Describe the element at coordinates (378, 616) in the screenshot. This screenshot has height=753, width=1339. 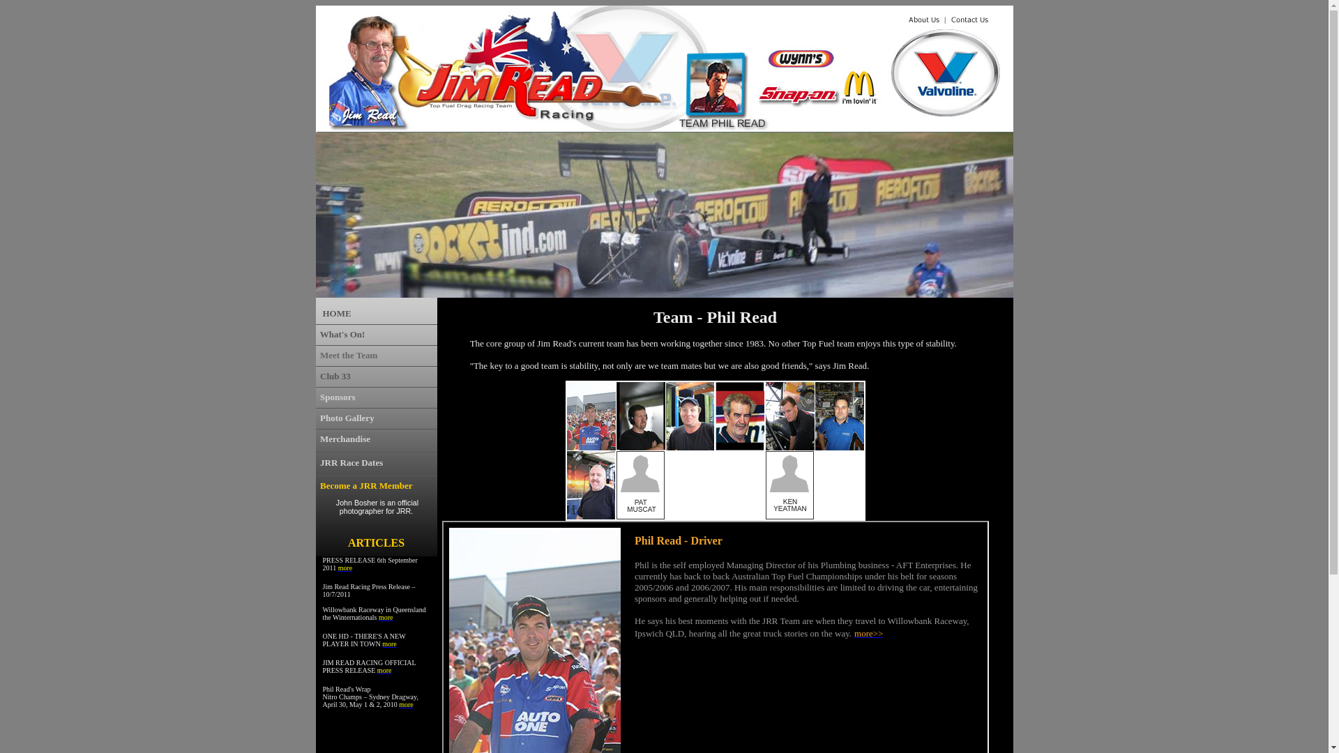
I see `'more'` at that location.